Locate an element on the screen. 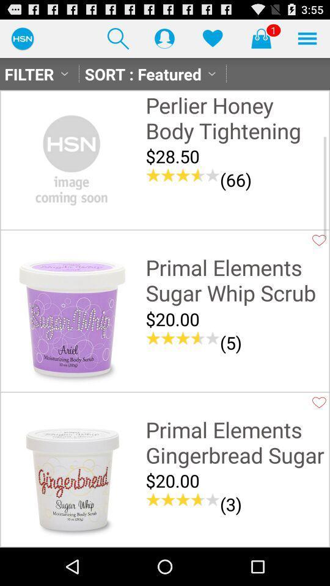 This screenshot has height=586, width=330. icon at the center is located at coordinates (182, 338).